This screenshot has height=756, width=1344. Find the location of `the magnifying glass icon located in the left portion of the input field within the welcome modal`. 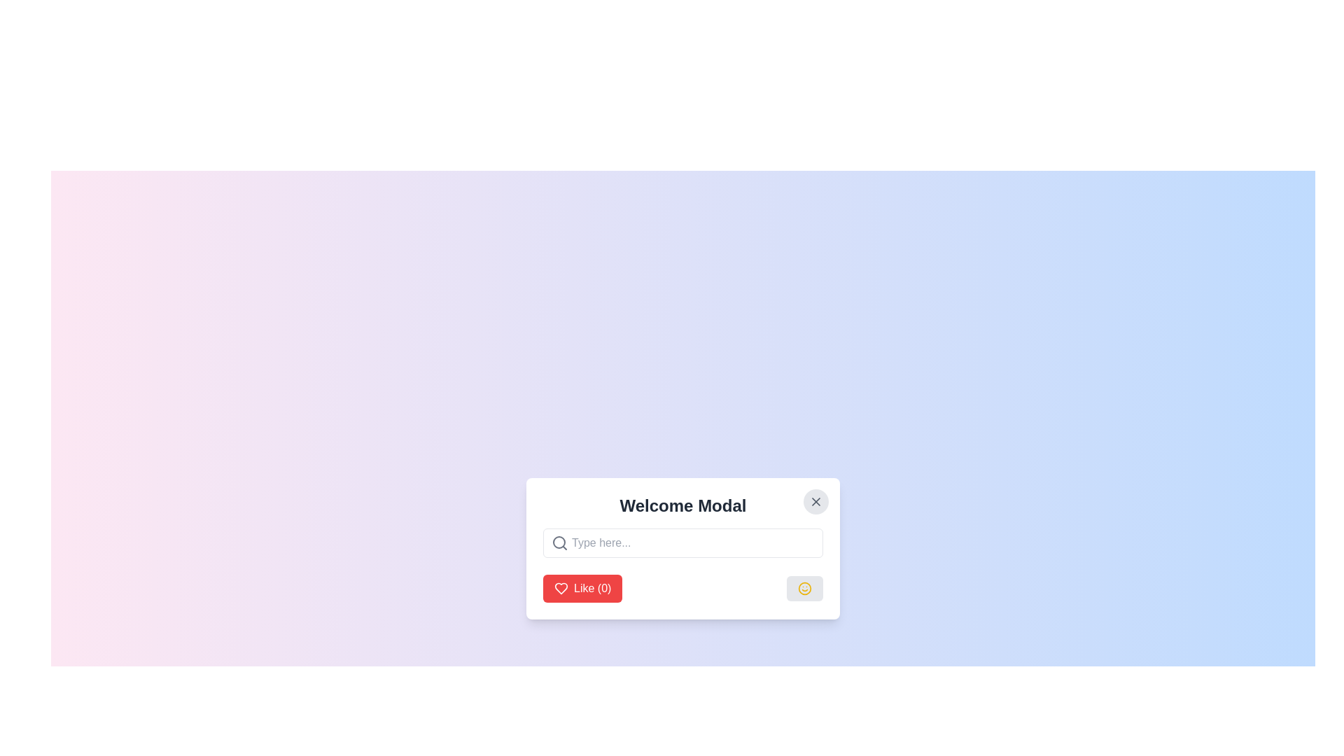

the magnifying glass icon located in the left portion of the input field within the welcome modal is located at coordinates (560, 542).